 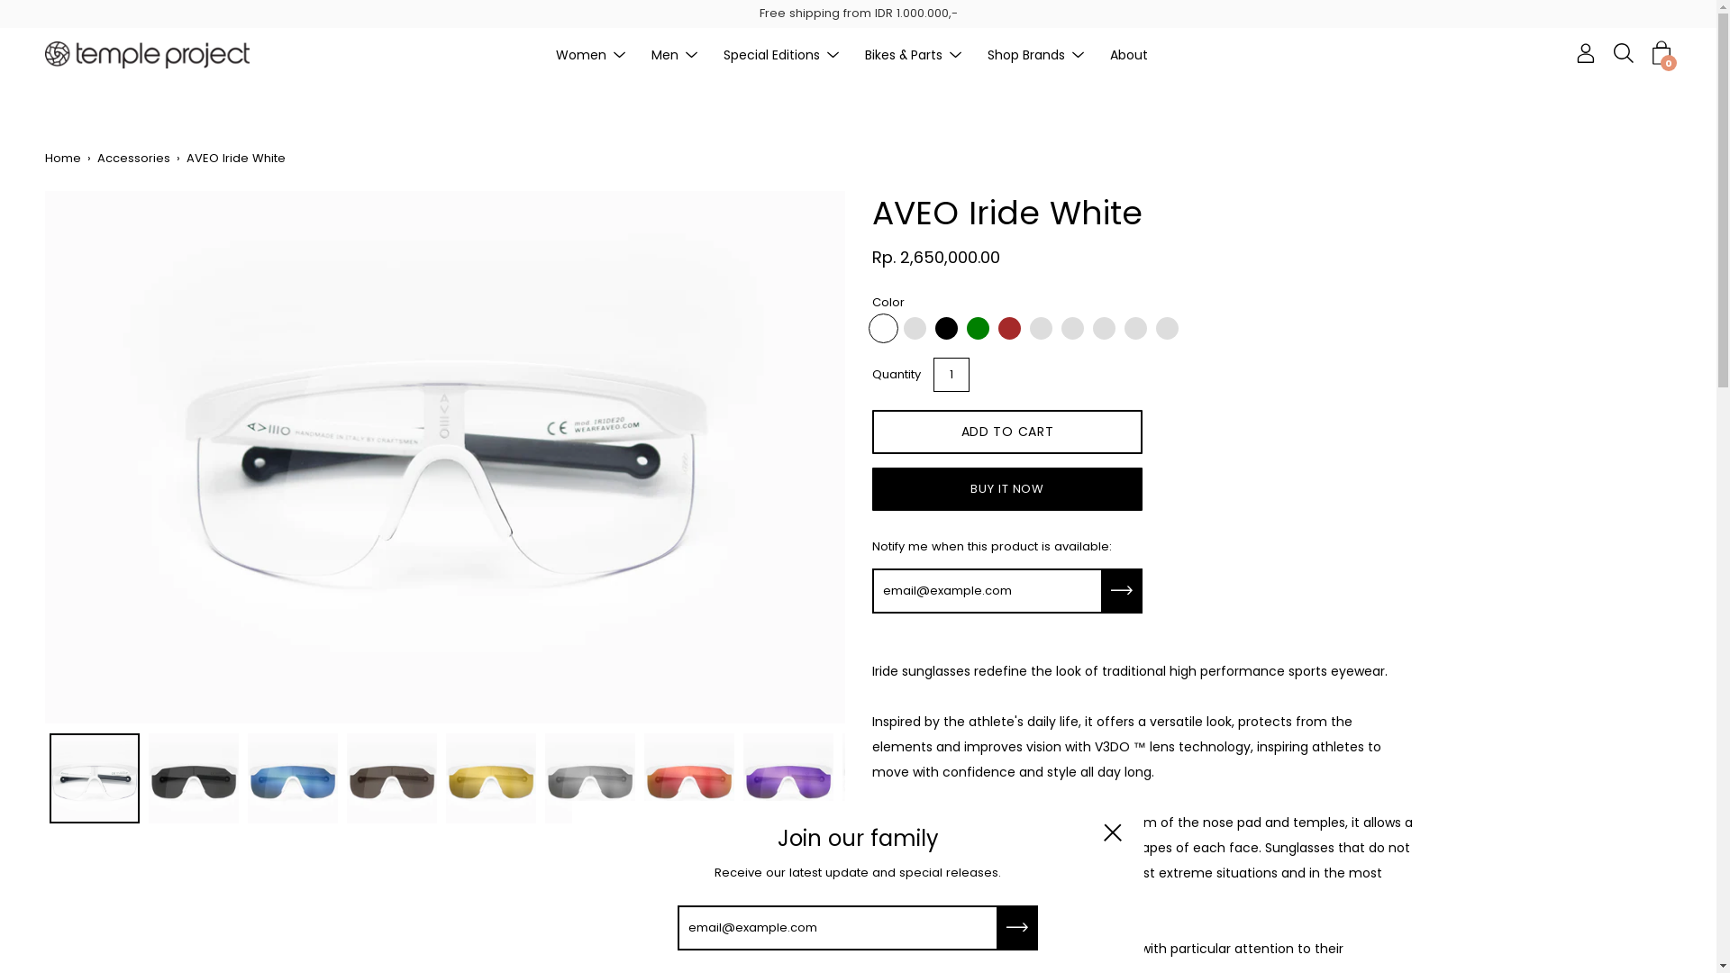 What do you see at coordinates (1025, 54) in the screenshot?
I see `'Shop Brands'` at bounding box center [1025, 54].